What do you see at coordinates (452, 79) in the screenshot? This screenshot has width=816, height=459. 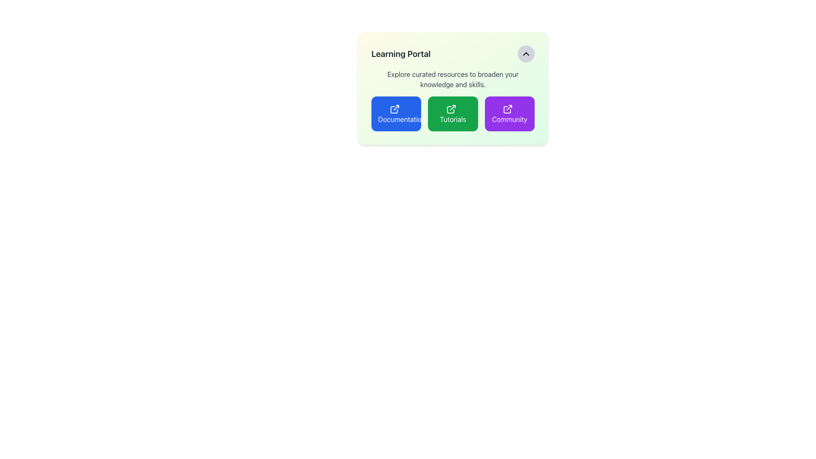 I see `single-line text block that displays the sentence: 'Explore curated resources to broaden your knowledge and skills.' located at the top section of the card layout` at bounding box center [452, 79].